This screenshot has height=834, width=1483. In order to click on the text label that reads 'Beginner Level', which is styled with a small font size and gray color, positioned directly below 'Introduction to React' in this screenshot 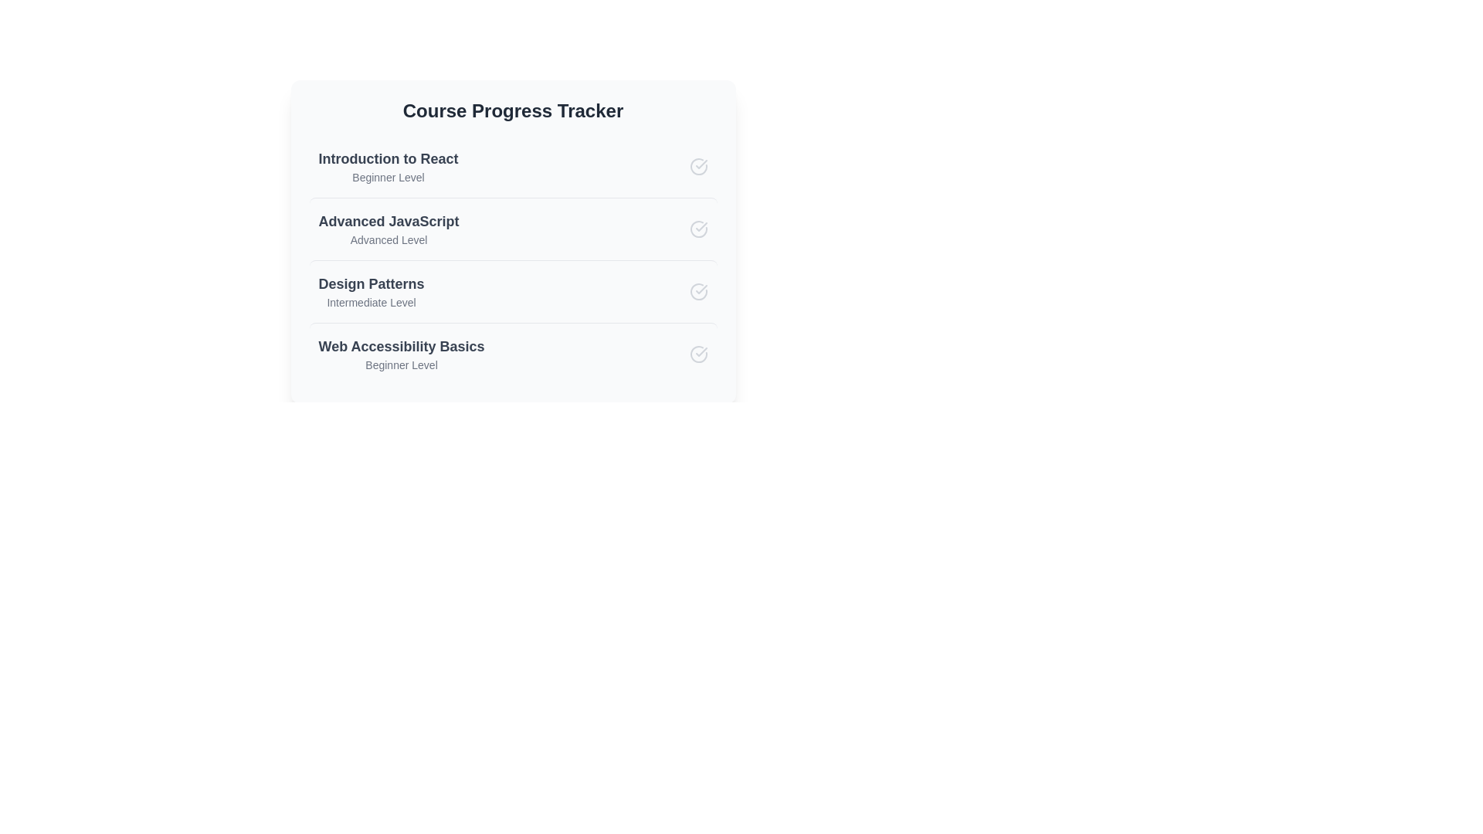, I will do `click(389, 177)`.